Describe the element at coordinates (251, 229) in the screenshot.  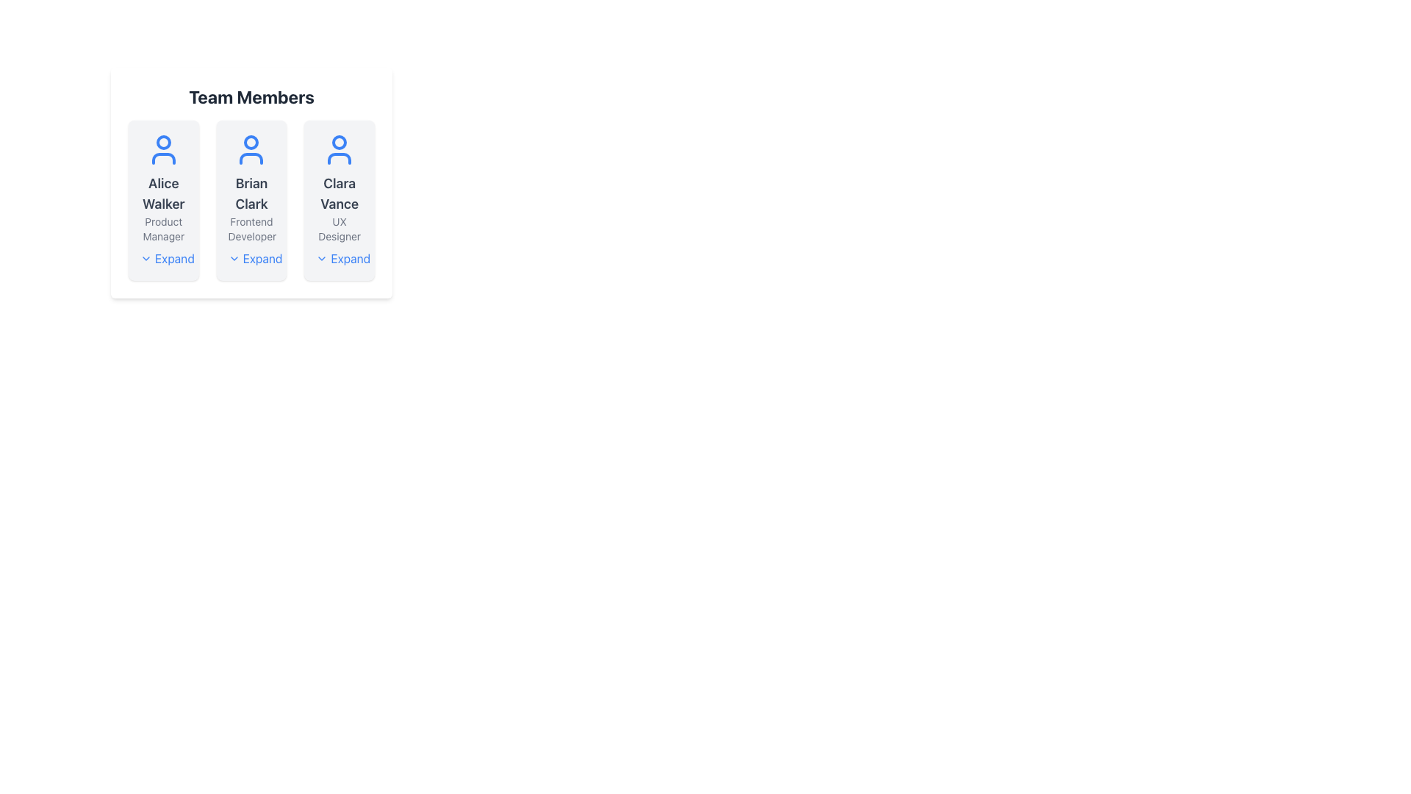
I see `the textual label stating 'Frontend Developer', which is styled in a smaller gray font and positioned centrally within the card for 'Brian Clark', below the name and above the 'Expand' button` at that location.